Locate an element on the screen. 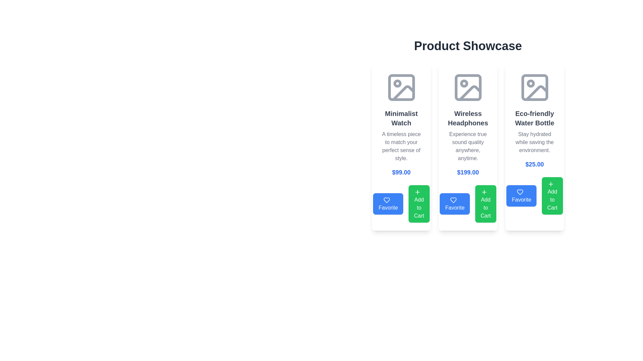 This screenshot has height=361, width=643. the 'Add to Cart' icon located at the bottom right section of the product card, which is embedded inside a green button is located at coordinates (551, 184).